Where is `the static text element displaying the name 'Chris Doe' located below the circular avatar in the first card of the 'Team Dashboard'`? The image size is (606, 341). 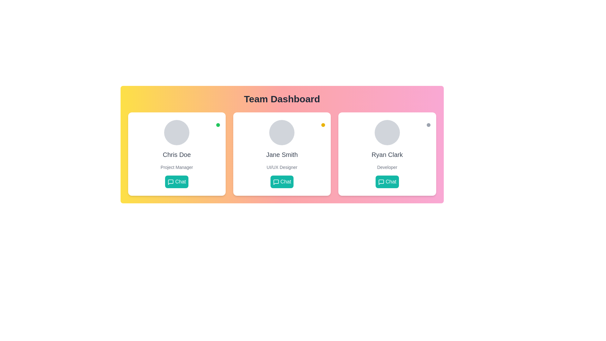
the static text element displaying the name 'Chris Doe' located below the circular avatar in the first card of the 'Team Dashboard' is located at coordinates (177, 154).